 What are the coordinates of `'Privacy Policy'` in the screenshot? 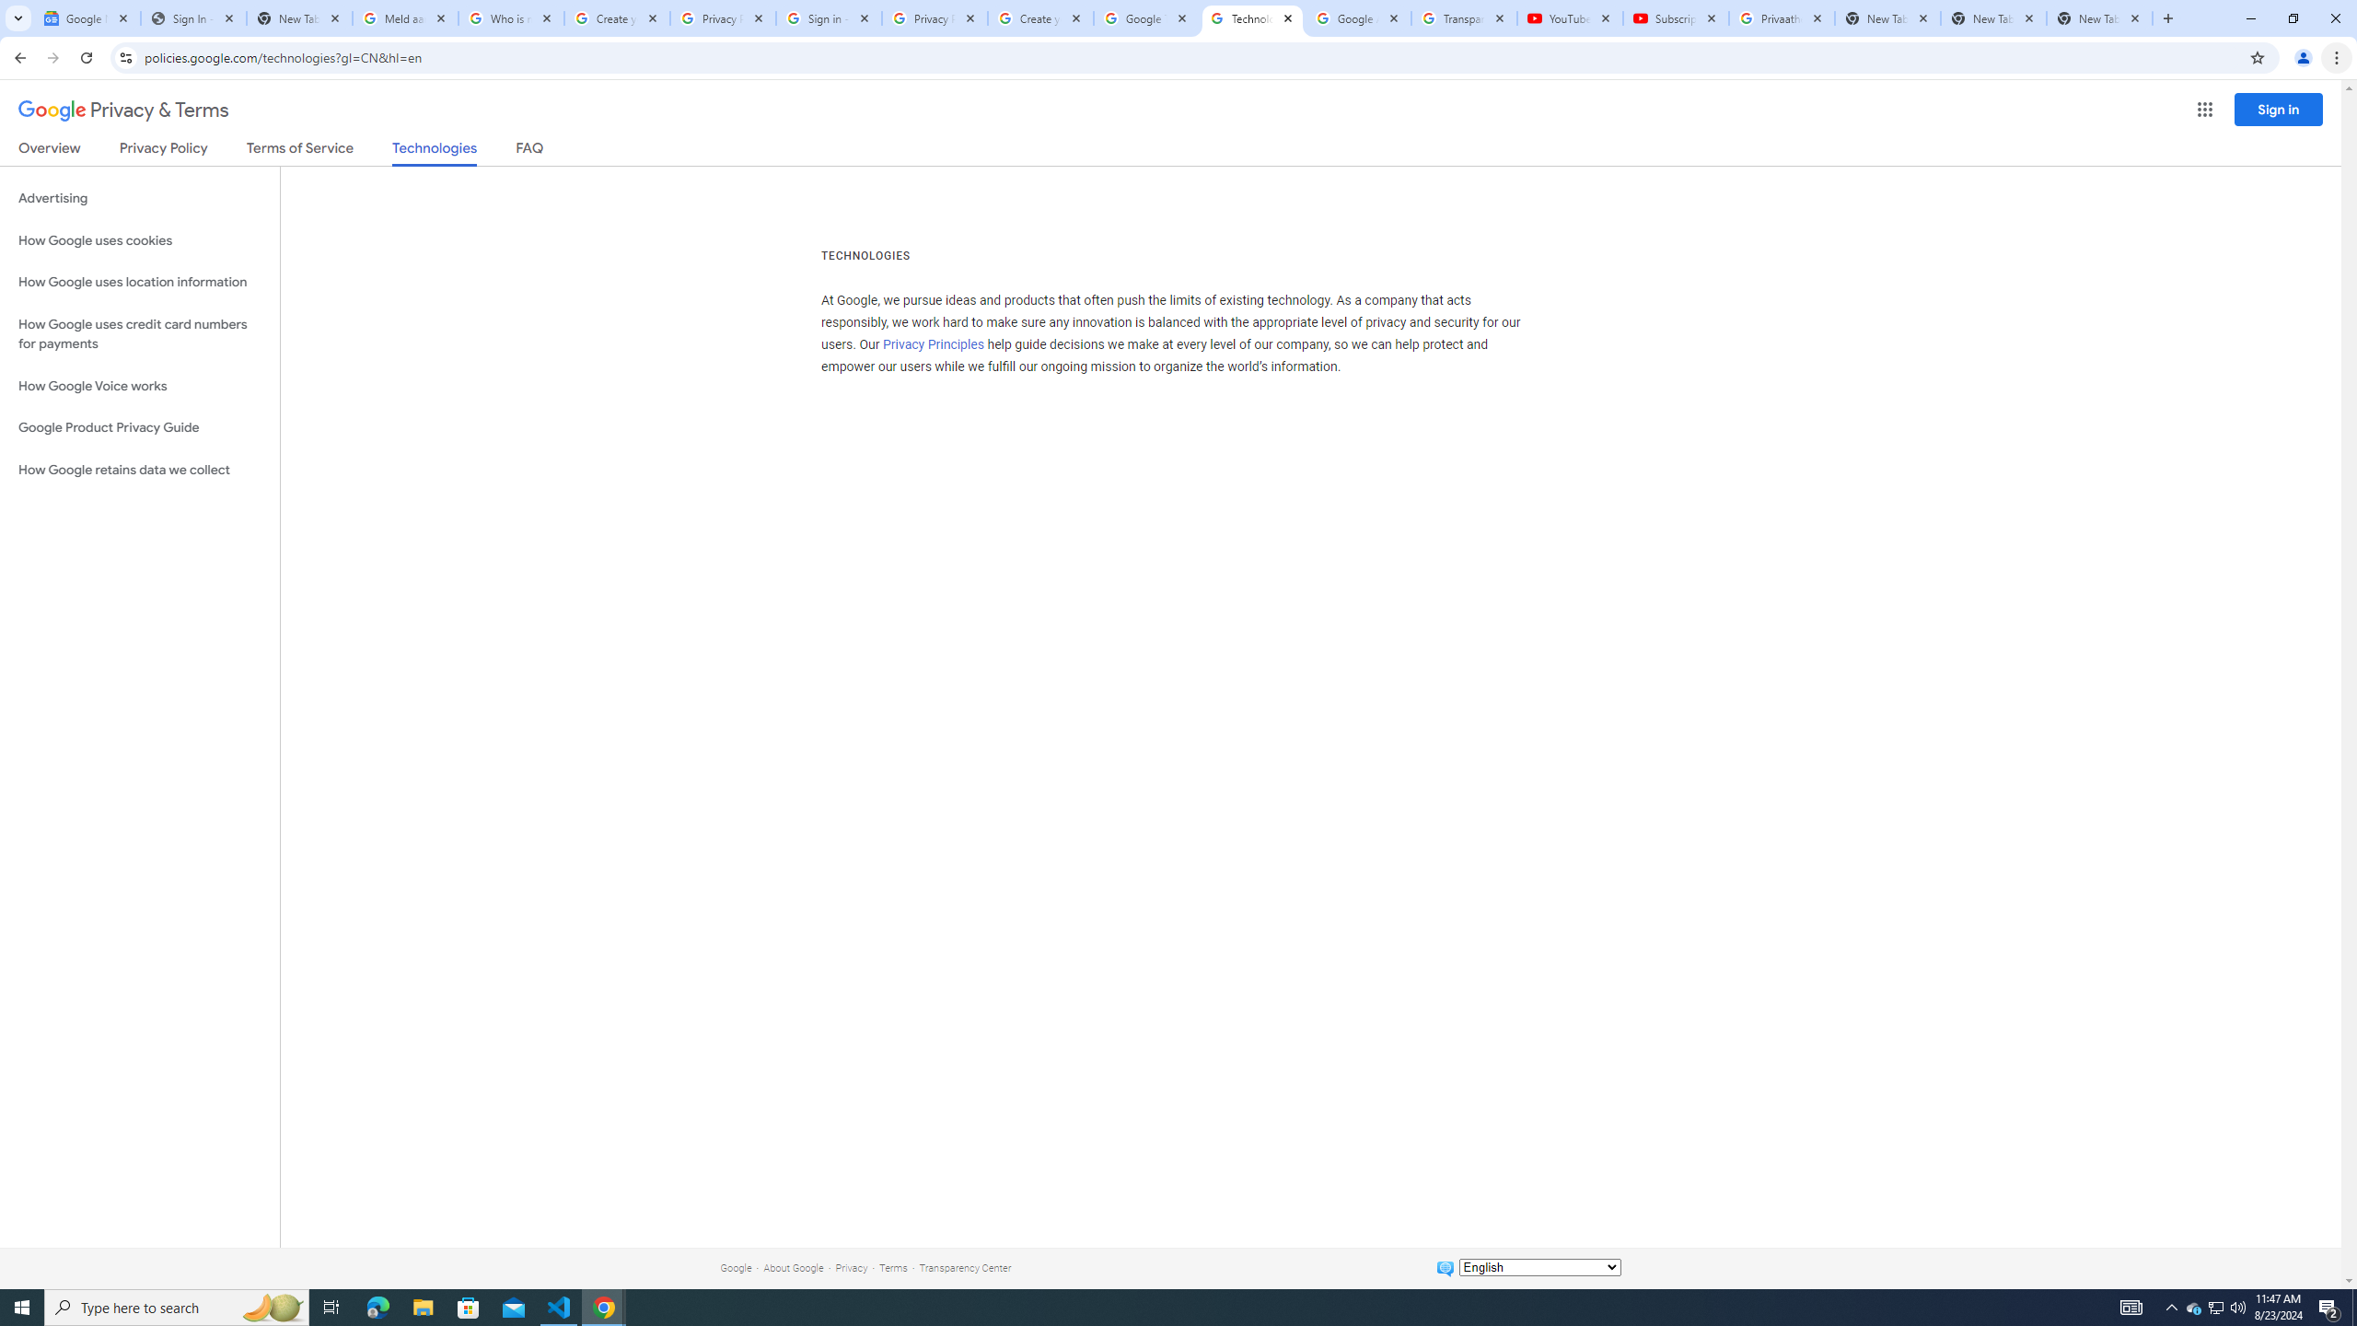 It's located at (161, 151).